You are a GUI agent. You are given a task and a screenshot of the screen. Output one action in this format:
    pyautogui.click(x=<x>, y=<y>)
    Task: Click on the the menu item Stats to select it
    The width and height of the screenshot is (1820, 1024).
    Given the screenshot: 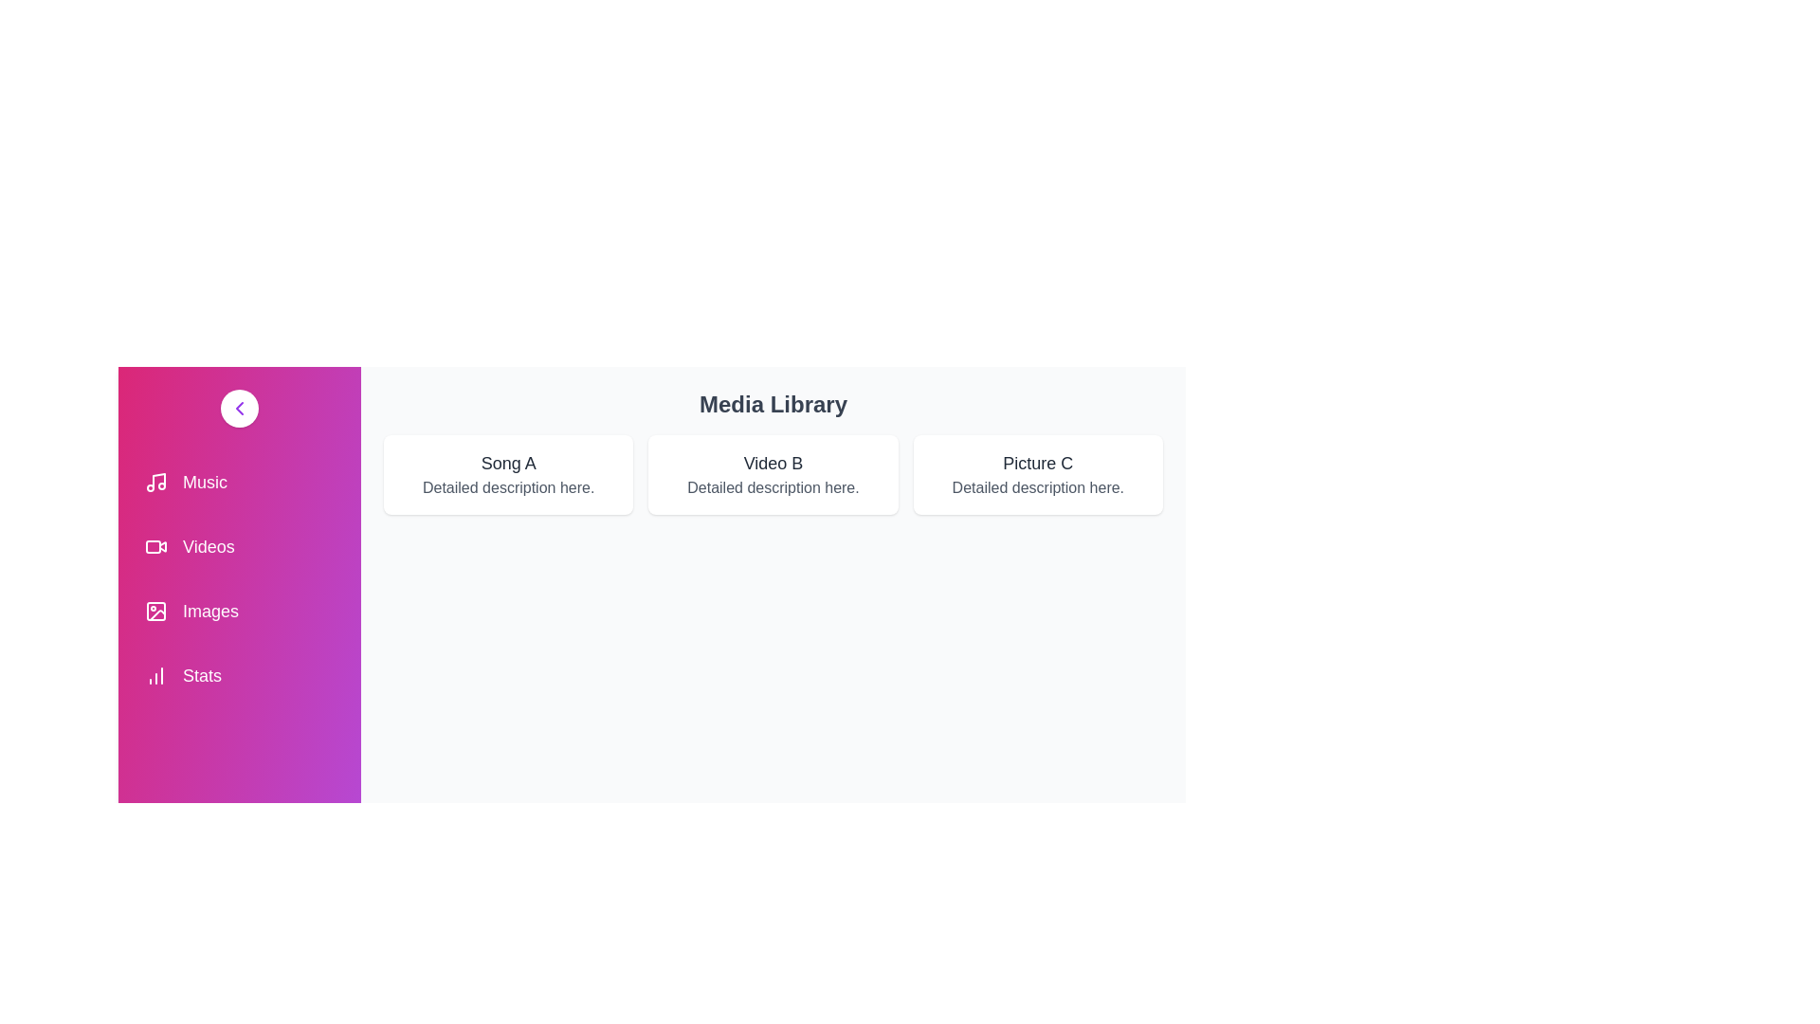 What is the action you would take?
    pyautogui.click(x=239, y=675)
    